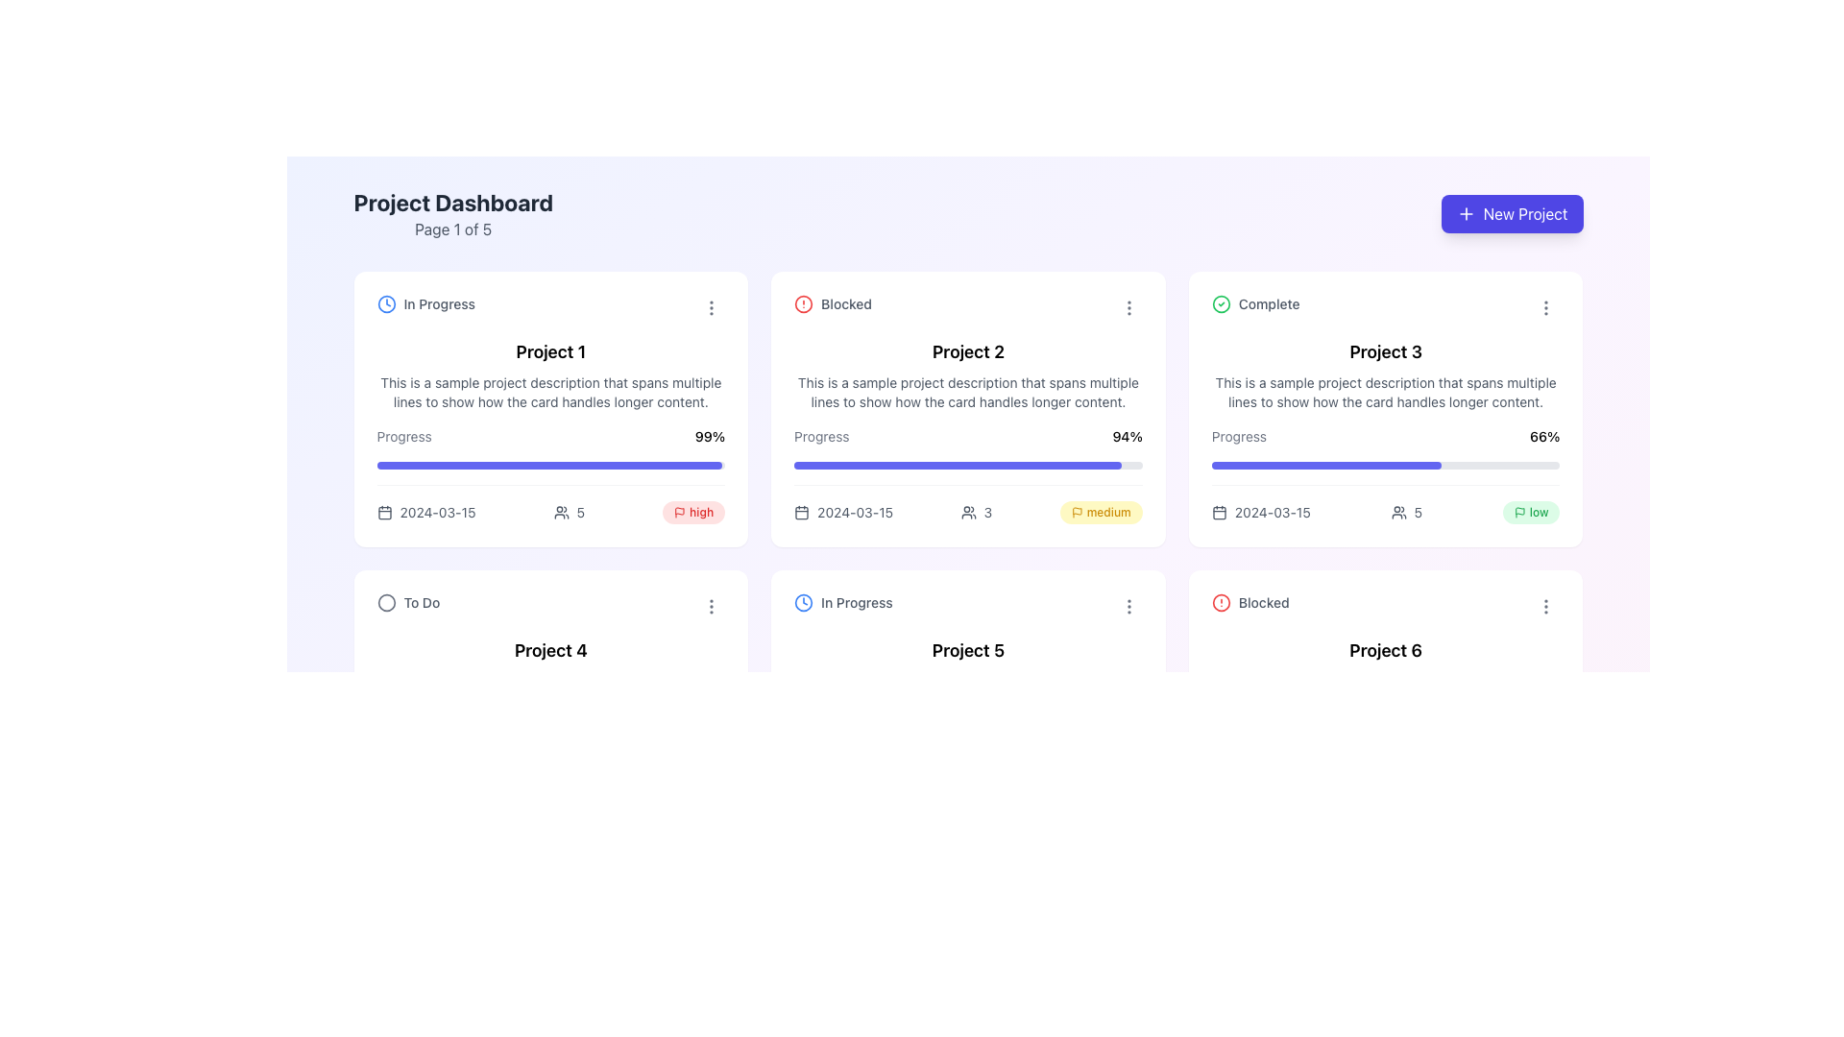 This screenshot has height=1037, width=1844. I want to click on the rectangular decorative element within the calendar icon located in the top-left card labeled 'Project 2' on the dashboard interface, so click(802, 512).